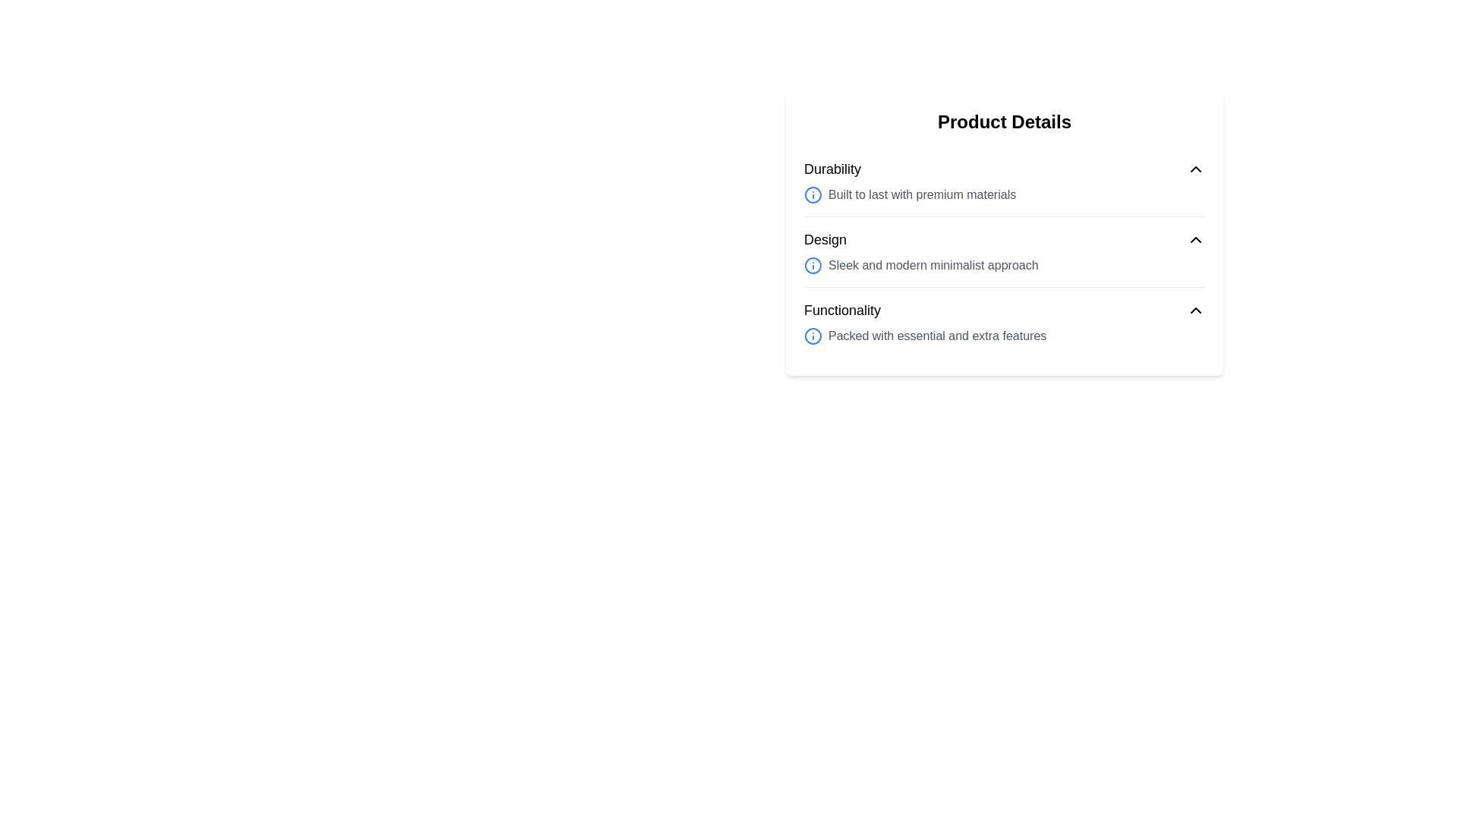  I want to click on the toggle control SVG icon for the 'Durability' section, so click(1194, 169).